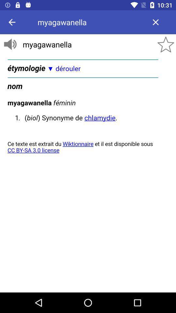 The width and height of the screenshot is (176, 313). Describe the element at coordinates (166, 44) in the screenshot. I see `the star icon` at that location.